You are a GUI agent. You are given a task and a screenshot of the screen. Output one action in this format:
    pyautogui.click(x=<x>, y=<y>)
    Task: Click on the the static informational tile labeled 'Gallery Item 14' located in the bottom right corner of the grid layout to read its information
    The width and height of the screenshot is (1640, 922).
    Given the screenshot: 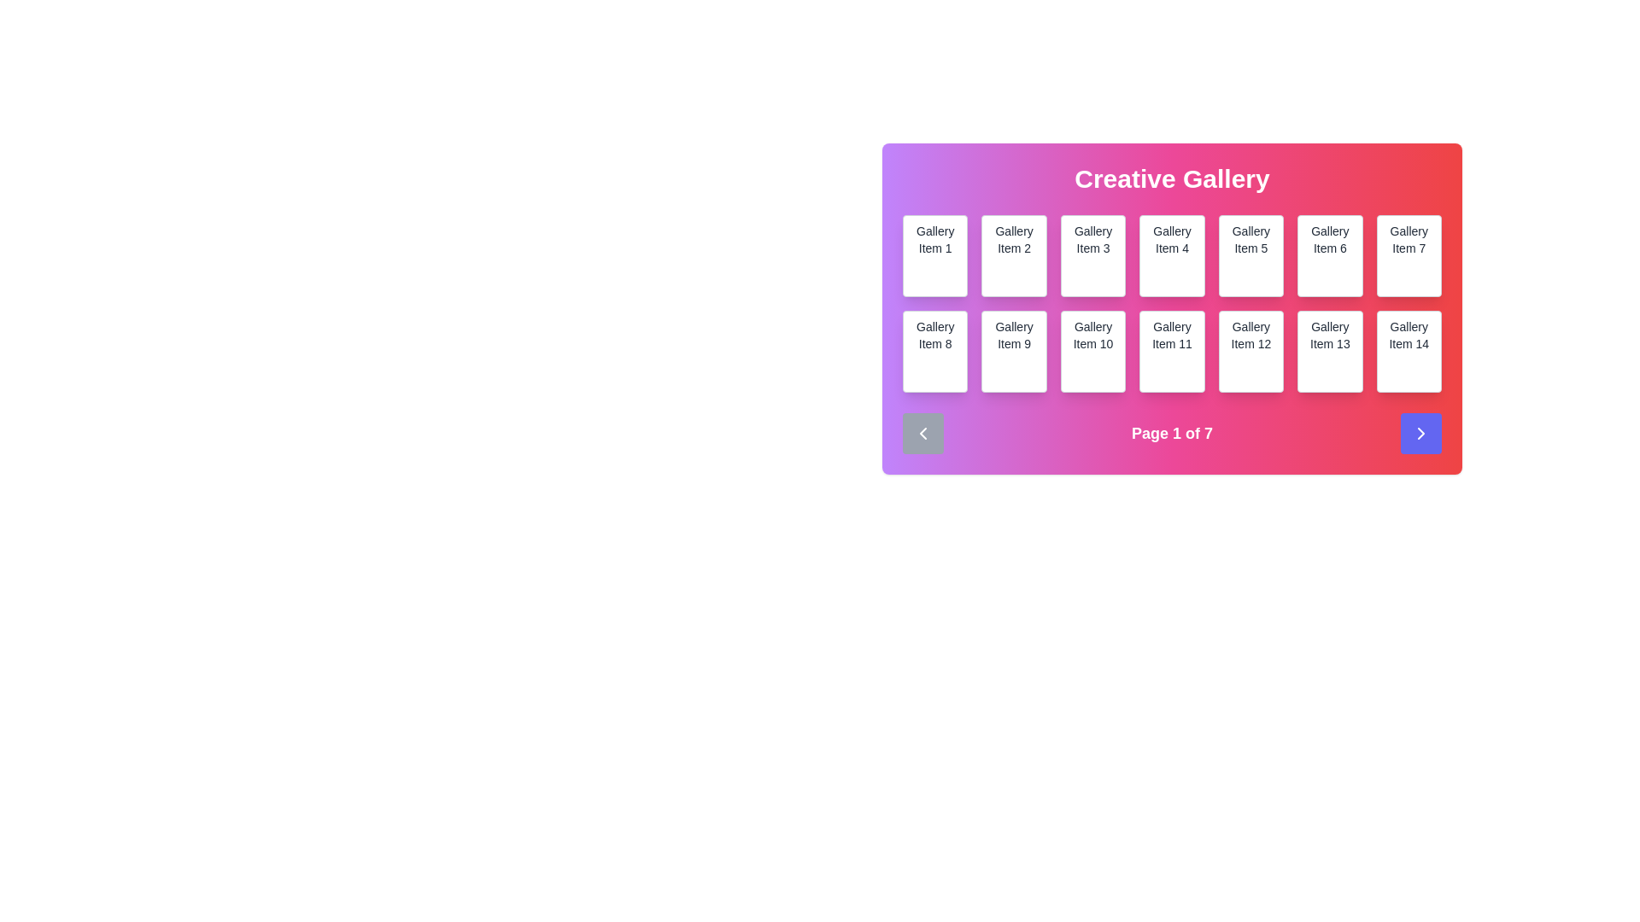 What is the action you would take?
    pyautogui.click(x=1409, y=351)
    